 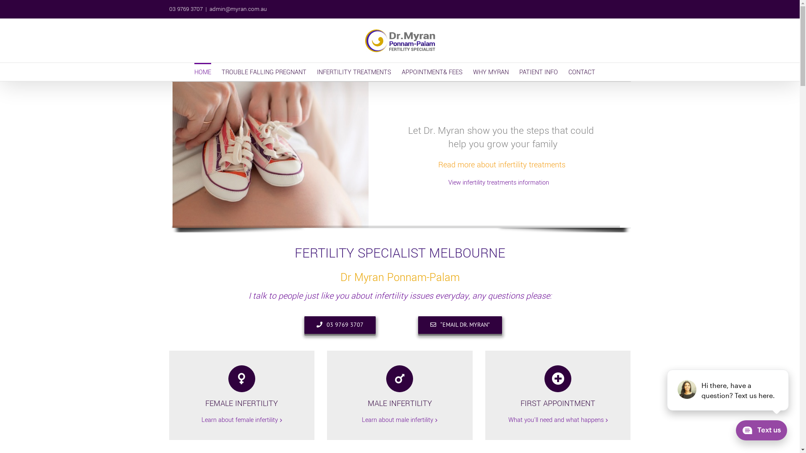 What do you see at coordinates (727, 390) in the screenshot?
I see `'podium webchat widget prompt'` at bounding box center [727, 390].